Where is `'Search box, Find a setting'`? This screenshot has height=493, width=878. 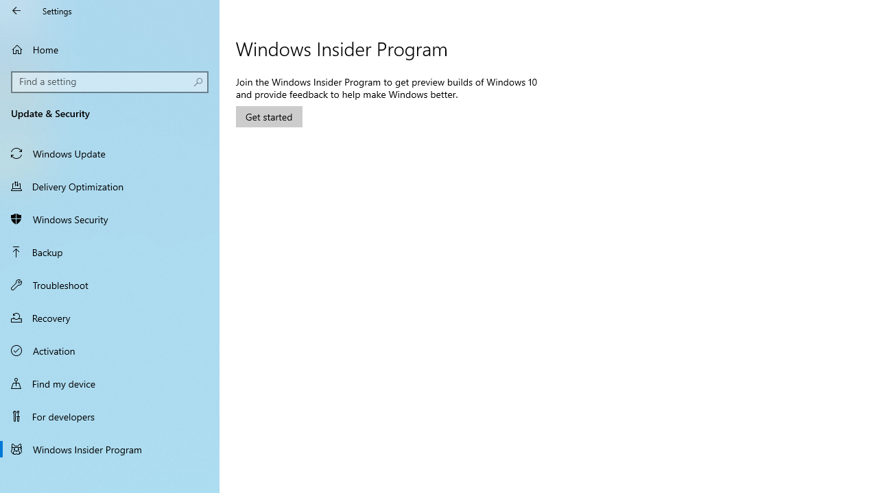 'Search box, Find a setting' is located at coordinates (110, 81).